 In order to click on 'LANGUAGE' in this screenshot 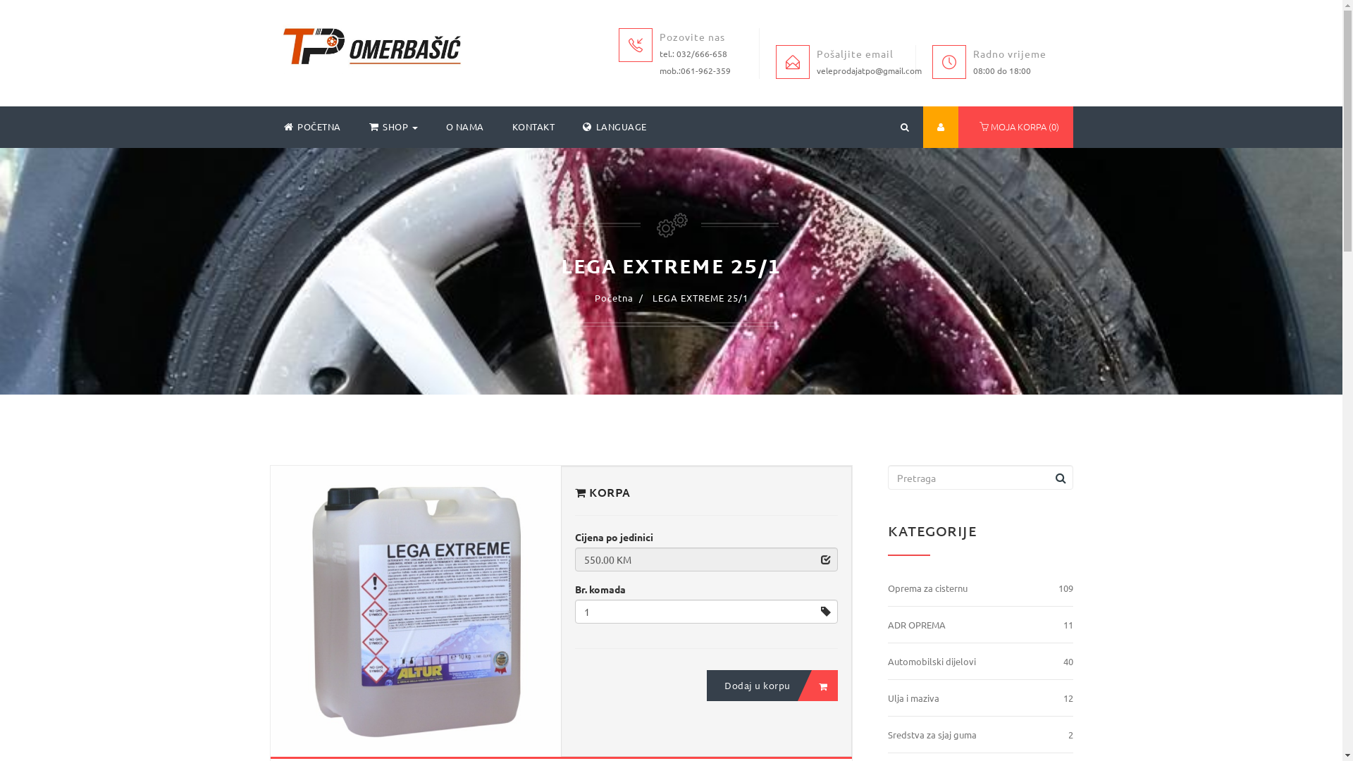, I will do `click(614, 127)`.